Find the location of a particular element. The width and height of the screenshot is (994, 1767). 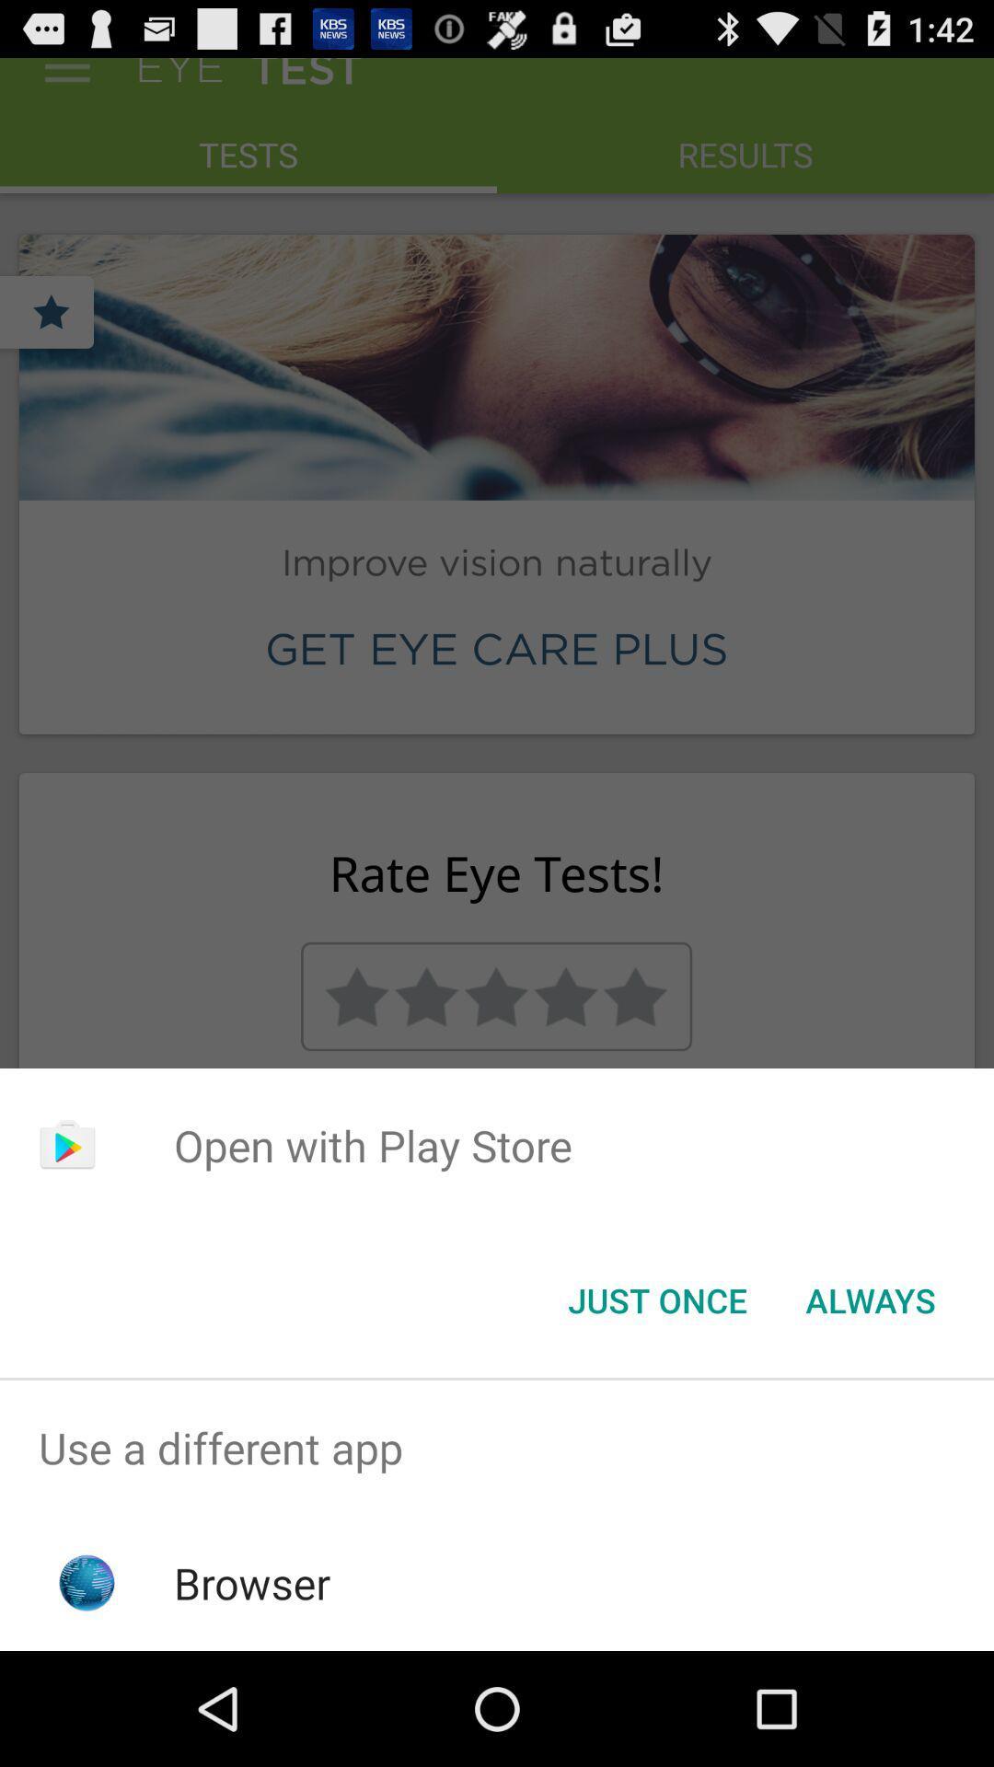

item below the open with play item is located at coordinates (870, 1299).